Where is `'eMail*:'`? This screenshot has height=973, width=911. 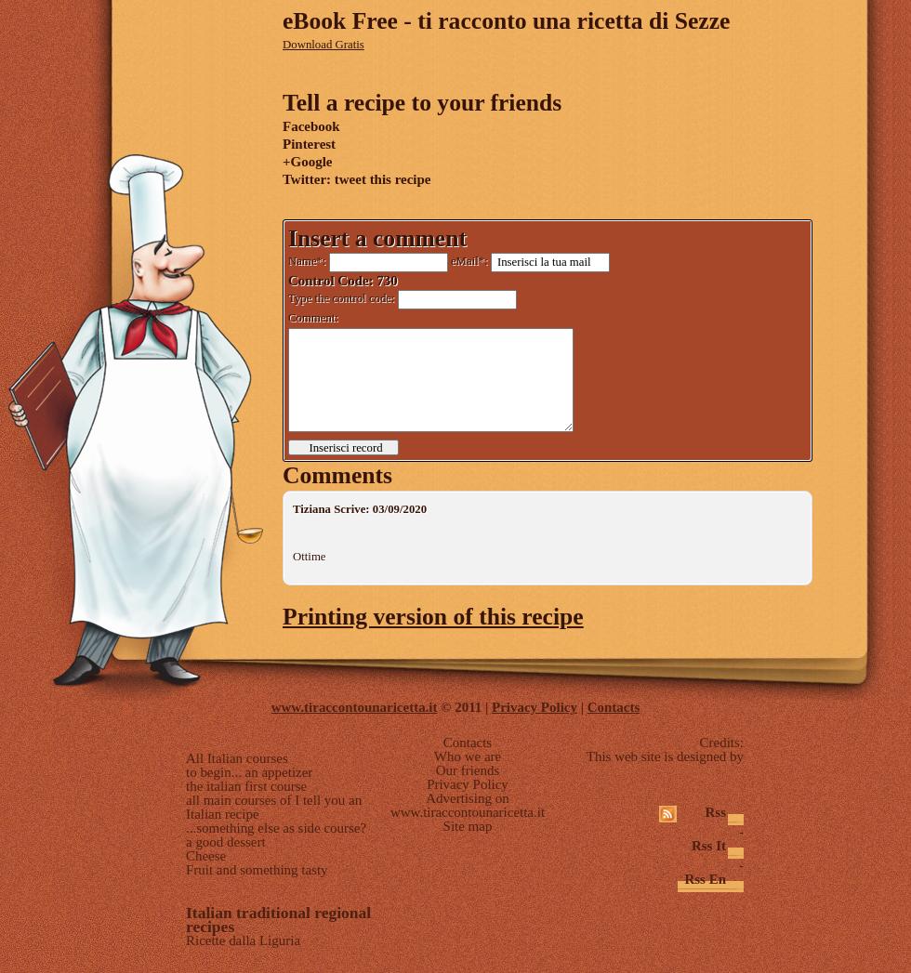
'eMail*:' is located at coordinates (469, 261).